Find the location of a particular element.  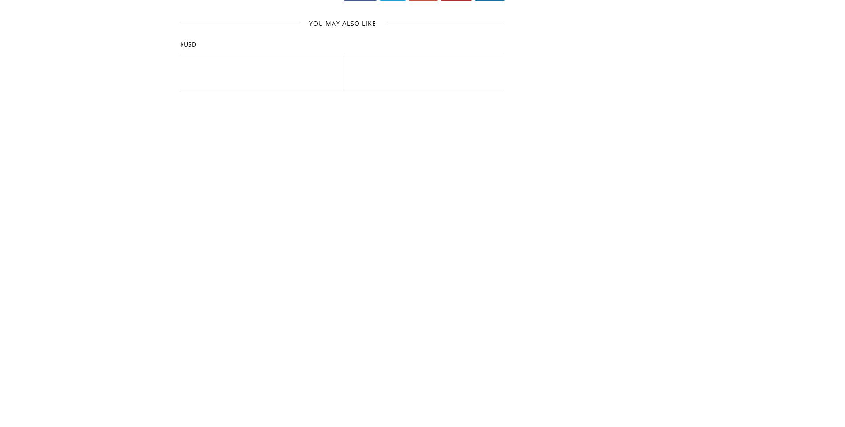

'(67)' is located at coordinates (581, 396).